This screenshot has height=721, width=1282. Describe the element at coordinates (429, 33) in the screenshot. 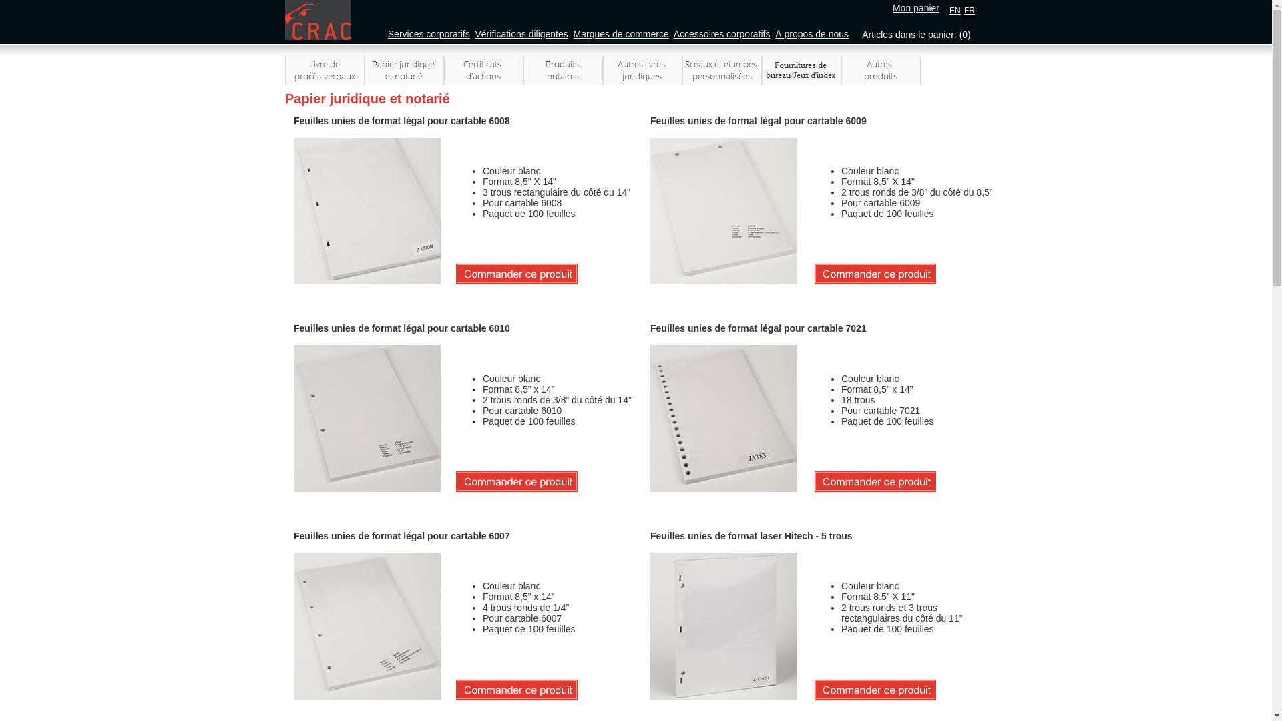

I see `'Services corporatifs'` at that location.